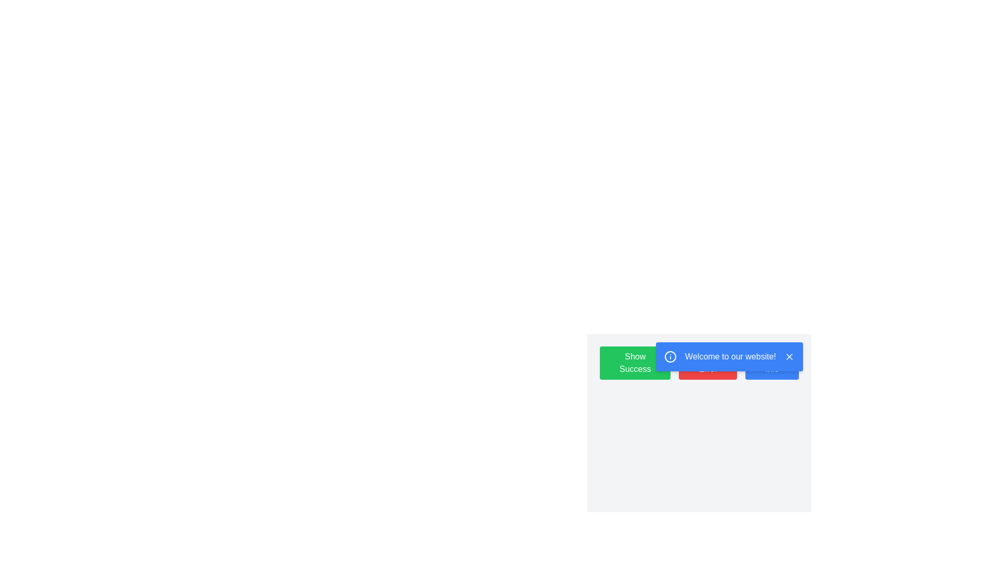  I want to click on the 'Close' button located at the bottom-right of the notification banner, so click(789, 356).